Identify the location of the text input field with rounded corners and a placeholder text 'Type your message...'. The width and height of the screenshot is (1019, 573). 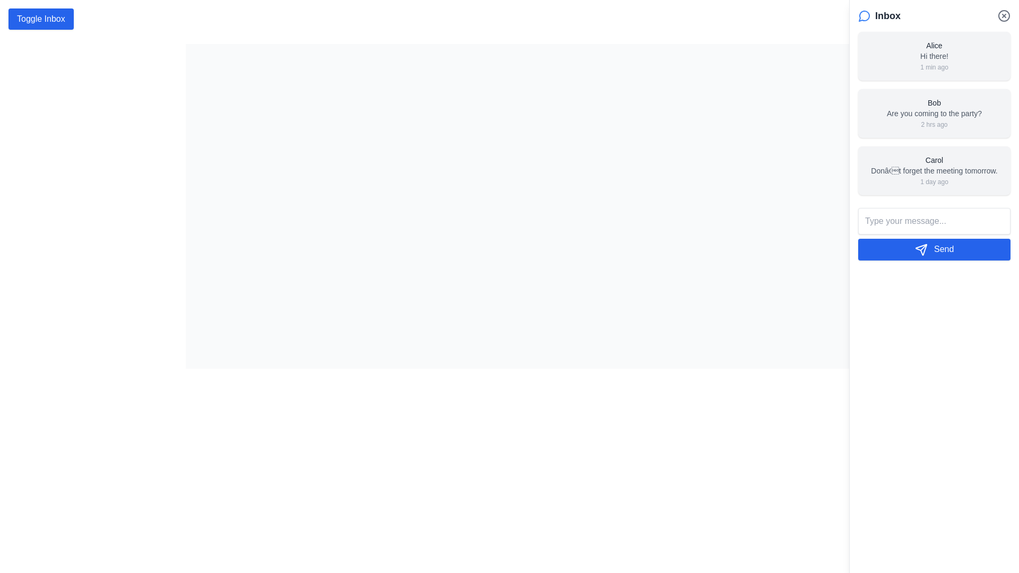
(934, 220).